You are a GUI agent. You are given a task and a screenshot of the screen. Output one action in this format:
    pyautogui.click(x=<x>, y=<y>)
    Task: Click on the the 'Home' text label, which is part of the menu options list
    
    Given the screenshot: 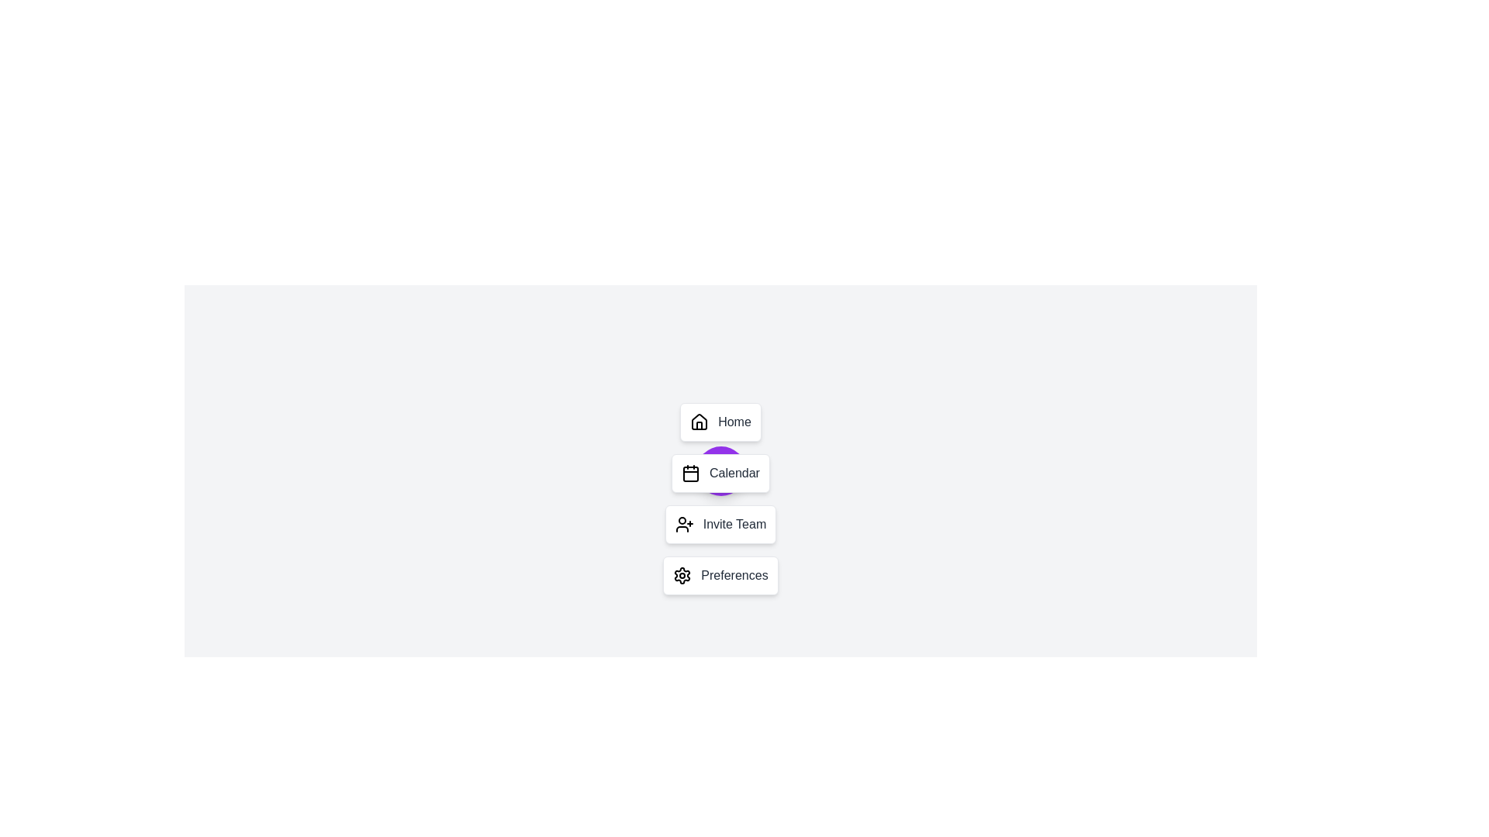 What is the action you would take?
    pyautogui.click(x=734, y=422)
    